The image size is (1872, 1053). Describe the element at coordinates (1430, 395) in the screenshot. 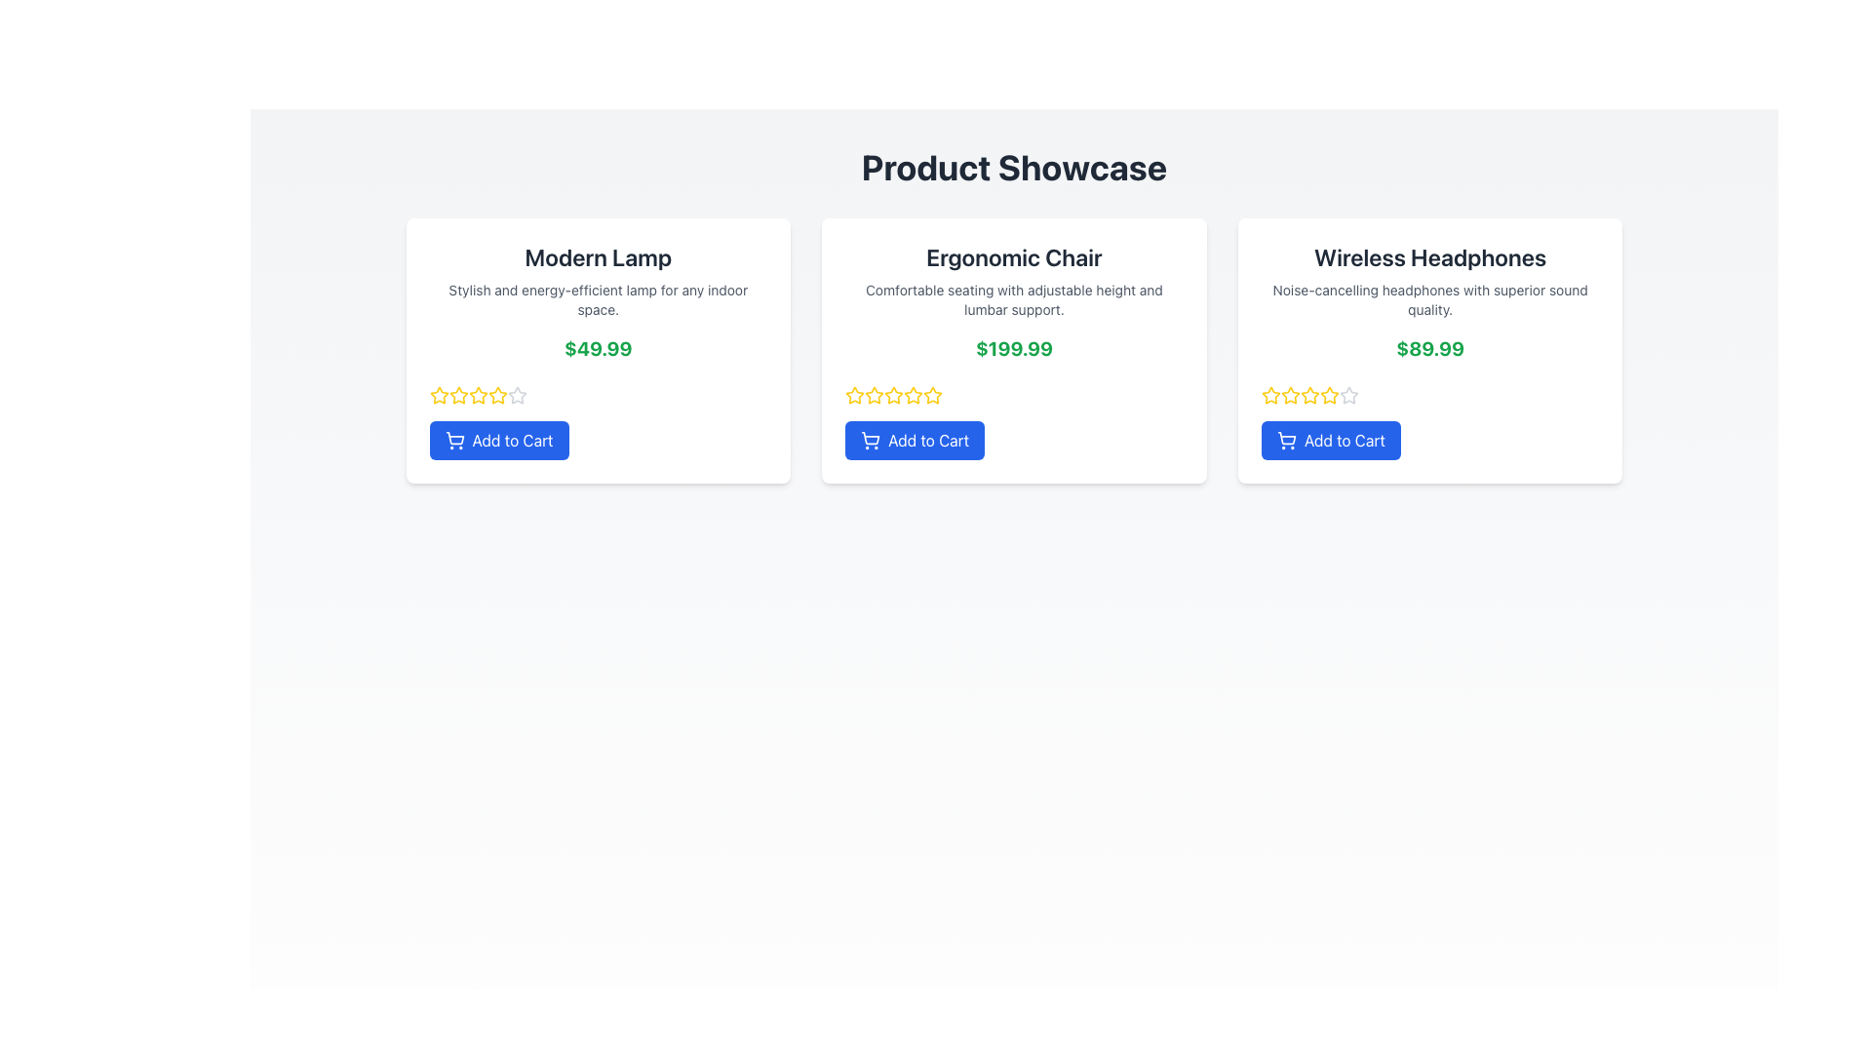

I see `the Rating display (stars) which consists of five star icons, four filled with yellow and one gray, located below the price '$89.99' and above the 'Add to Cart' button in the 'Wireless Headphones' card` at that location.